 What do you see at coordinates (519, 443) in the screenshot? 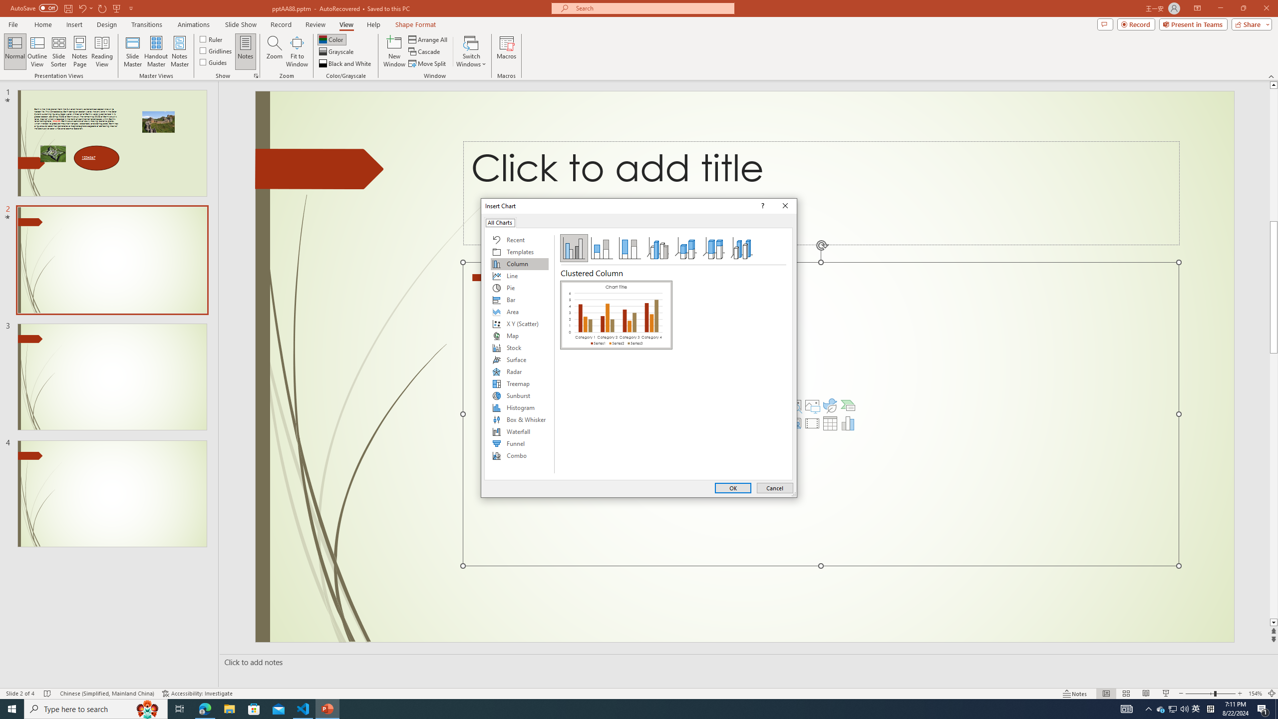
I see `'Funnel'` at bounding box center [519, 443].